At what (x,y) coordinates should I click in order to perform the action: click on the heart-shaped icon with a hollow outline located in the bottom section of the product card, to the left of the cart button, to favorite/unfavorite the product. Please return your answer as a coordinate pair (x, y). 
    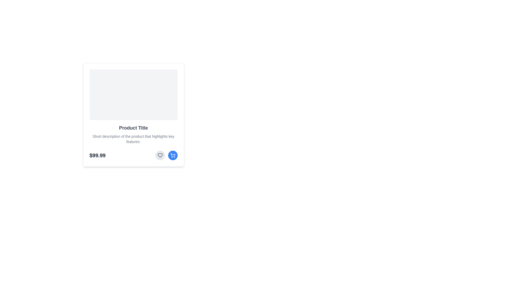
    Looking at the image, I should click on (160, 155).